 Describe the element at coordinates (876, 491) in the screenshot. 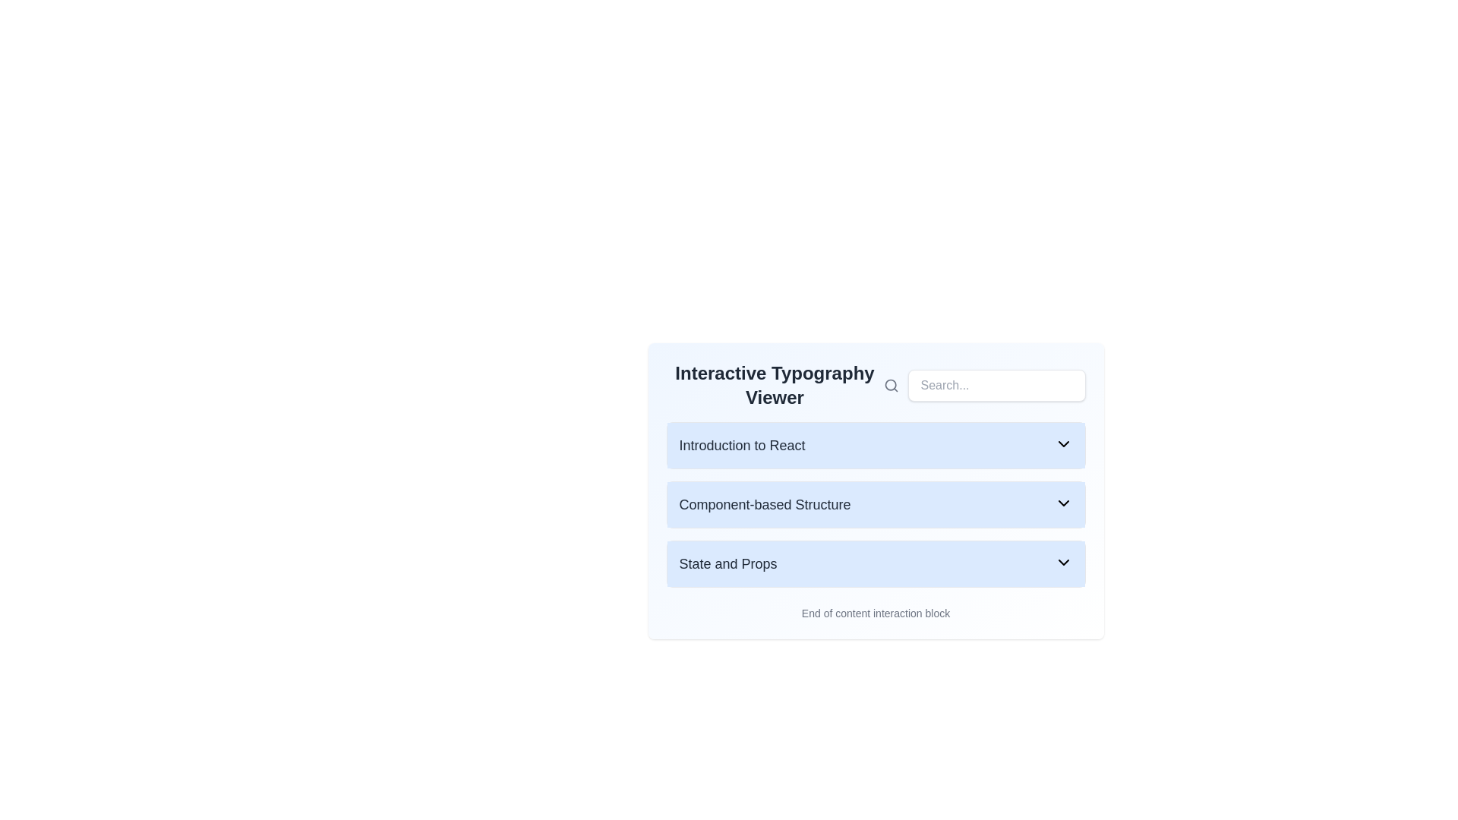

I see `the interactive list item labeled 'Component-based Structure'` at that location.